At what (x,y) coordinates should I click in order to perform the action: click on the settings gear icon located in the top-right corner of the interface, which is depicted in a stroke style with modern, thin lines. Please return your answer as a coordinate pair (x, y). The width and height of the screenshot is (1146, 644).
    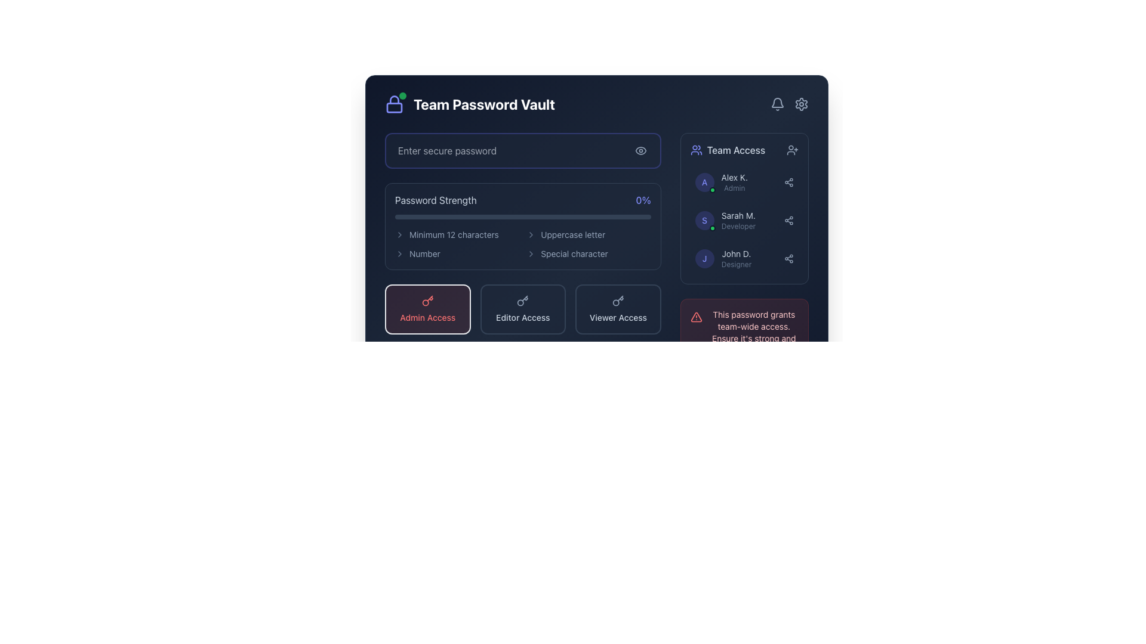
    Looking at the image, I should click on (802, 103).